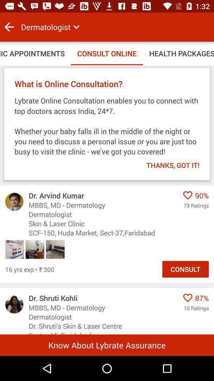  Describe the element at coordinates (107, 344) in the screenshot. I see `know about lybrate` at that location.